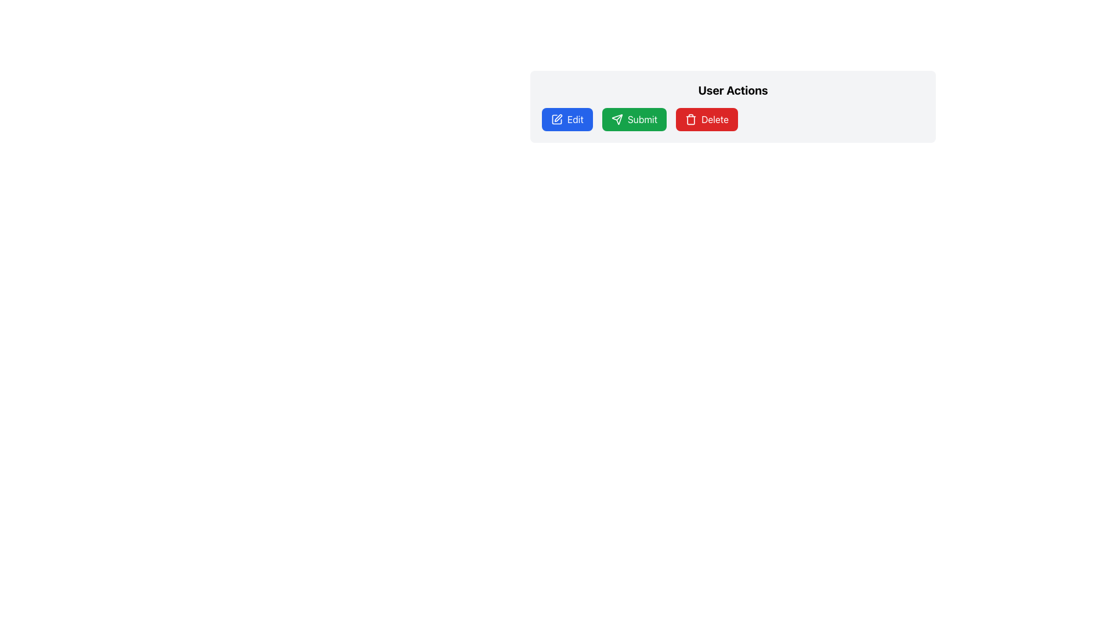 The width and height of the screenshot is (1114, 627). Describe the element at coordinates (557, 119) in the screenshot. I see `the graphic icon resembling a pen-like shape within the 'Edit' button, which is the leftmost button in the row of action buttons under the 'User Actions' header` at that location.